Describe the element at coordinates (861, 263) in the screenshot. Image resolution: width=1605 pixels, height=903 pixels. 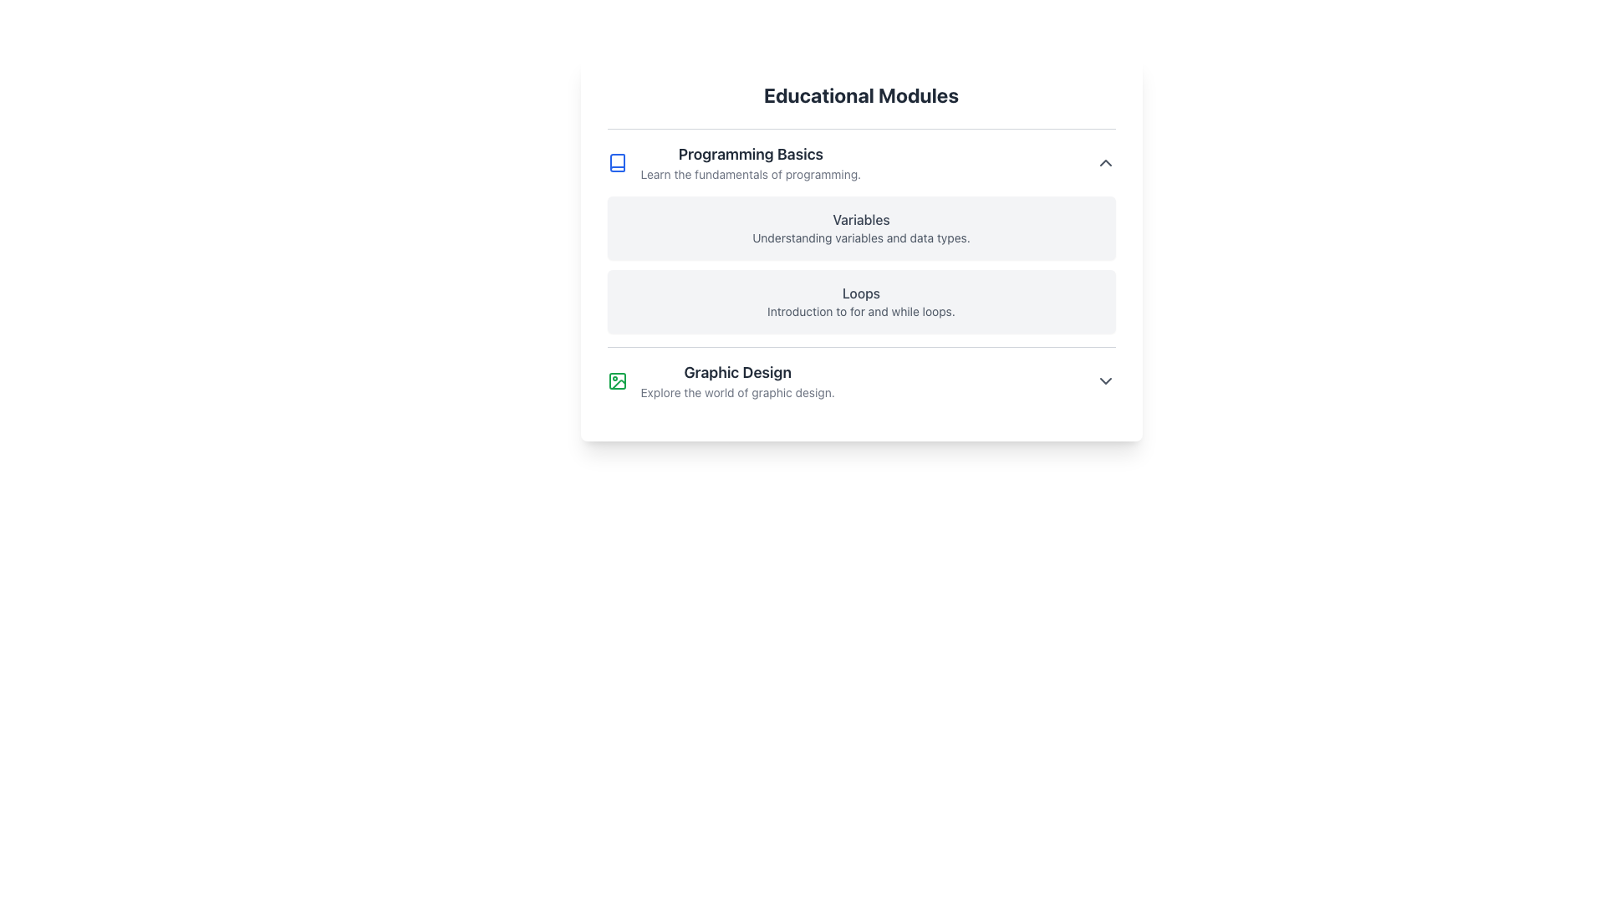
I see `the Informational block containing 'Variables' and 'Loops' sections, which is centrally positioned in the 'Programming Basics' section` at that location.